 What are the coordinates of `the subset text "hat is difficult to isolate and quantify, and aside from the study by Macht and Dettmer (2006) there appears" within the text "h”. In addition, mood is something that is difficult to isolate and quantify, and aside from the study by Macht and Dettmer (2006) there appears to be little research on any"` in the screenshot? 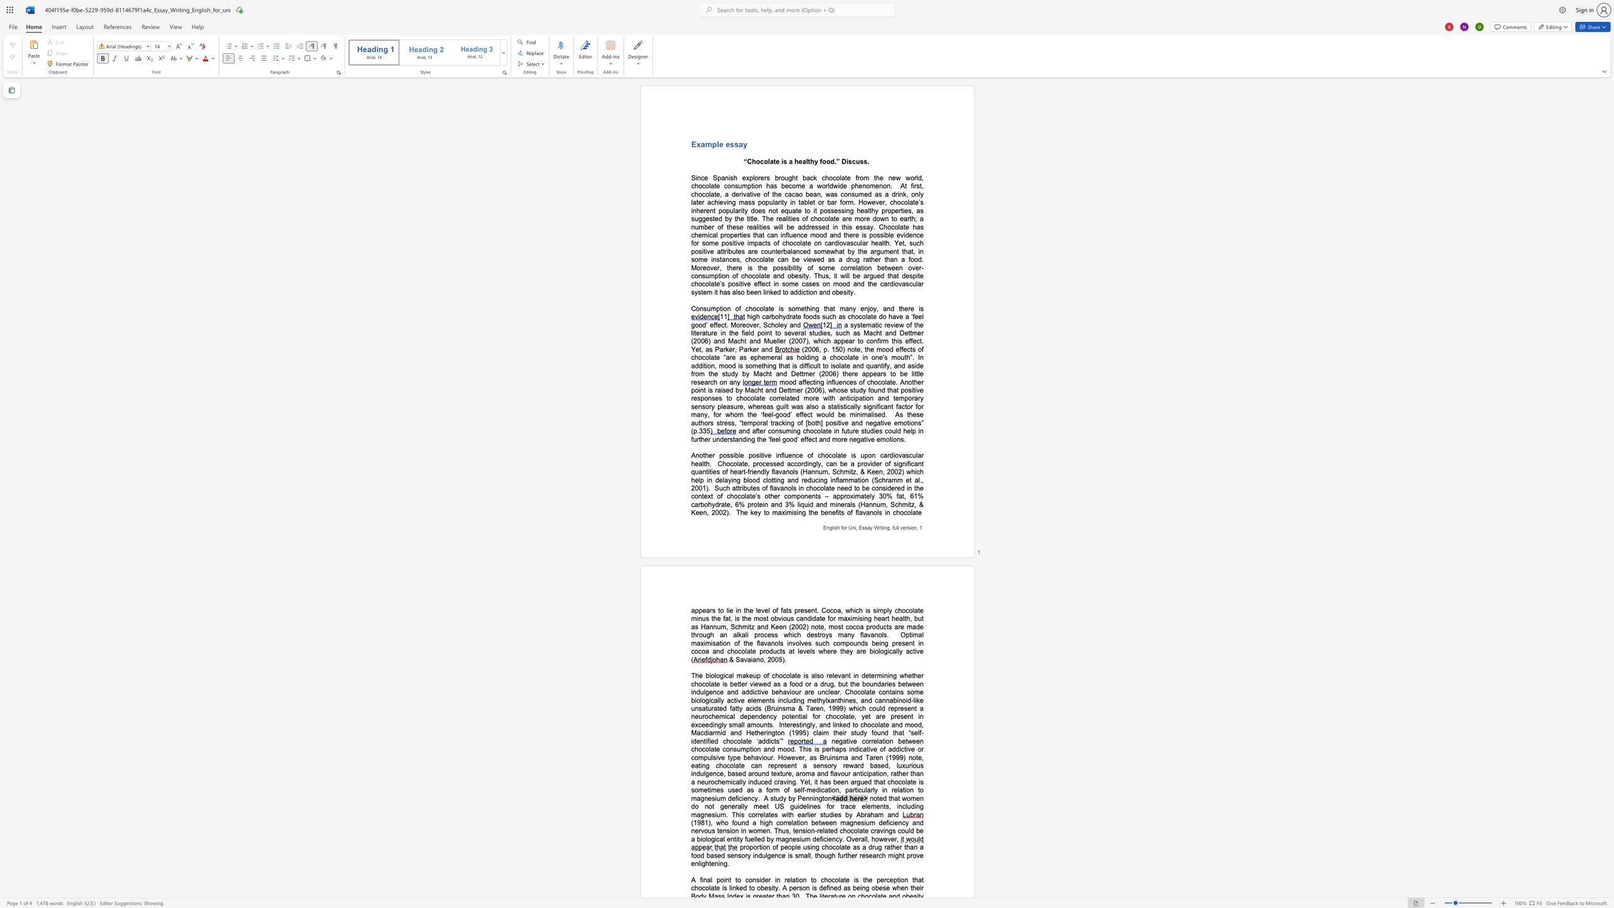 It's located at (780, 365).